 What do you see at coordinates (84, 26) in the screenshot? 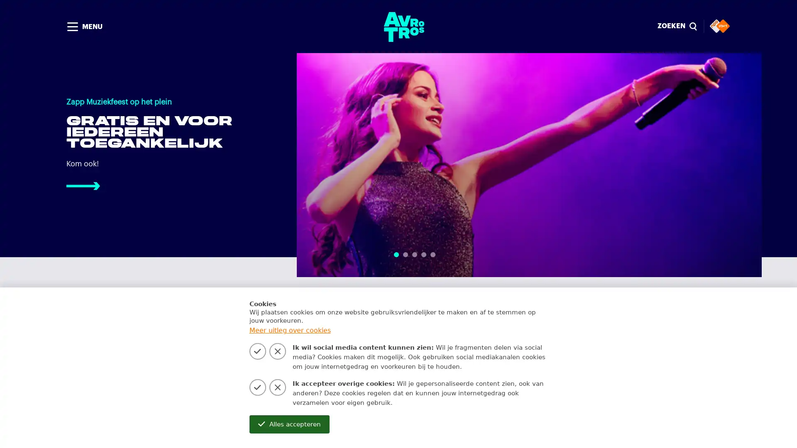
I see `MENU` at bounding box center [84, 26].